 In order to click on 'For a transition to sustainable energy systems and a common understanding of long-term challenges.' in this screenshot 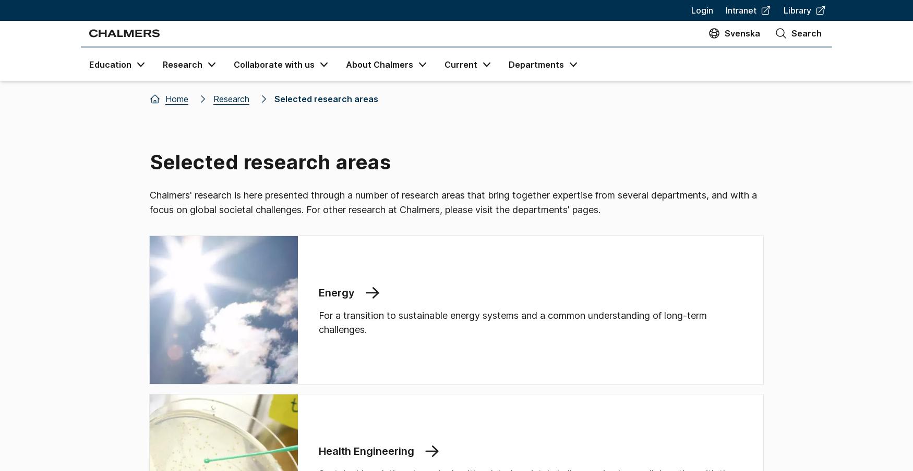, I will do `click(318, 321)`.